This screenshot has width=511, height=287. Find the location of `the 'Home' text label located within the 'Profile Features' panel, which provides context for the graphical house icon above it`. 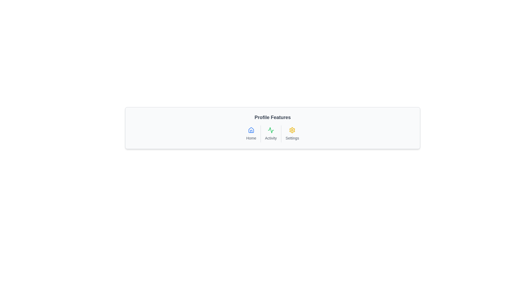

the 'Home' text label located within the 'Profile Features' panel, which provides context for the graphical house icon above it is located at coordinates (251, 138).